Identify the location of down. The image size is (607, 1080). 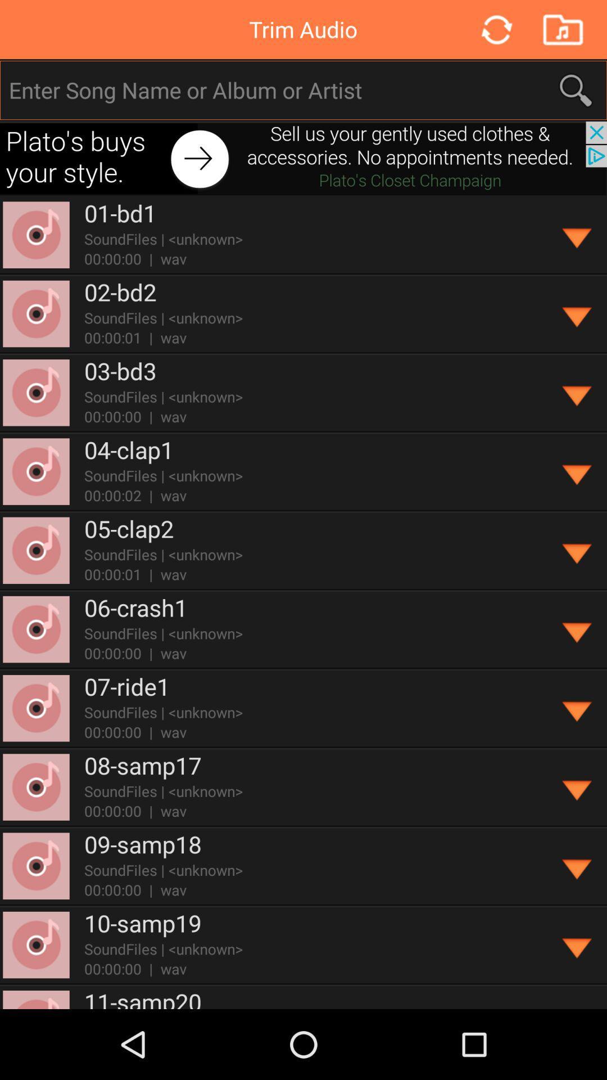
(577, 866).